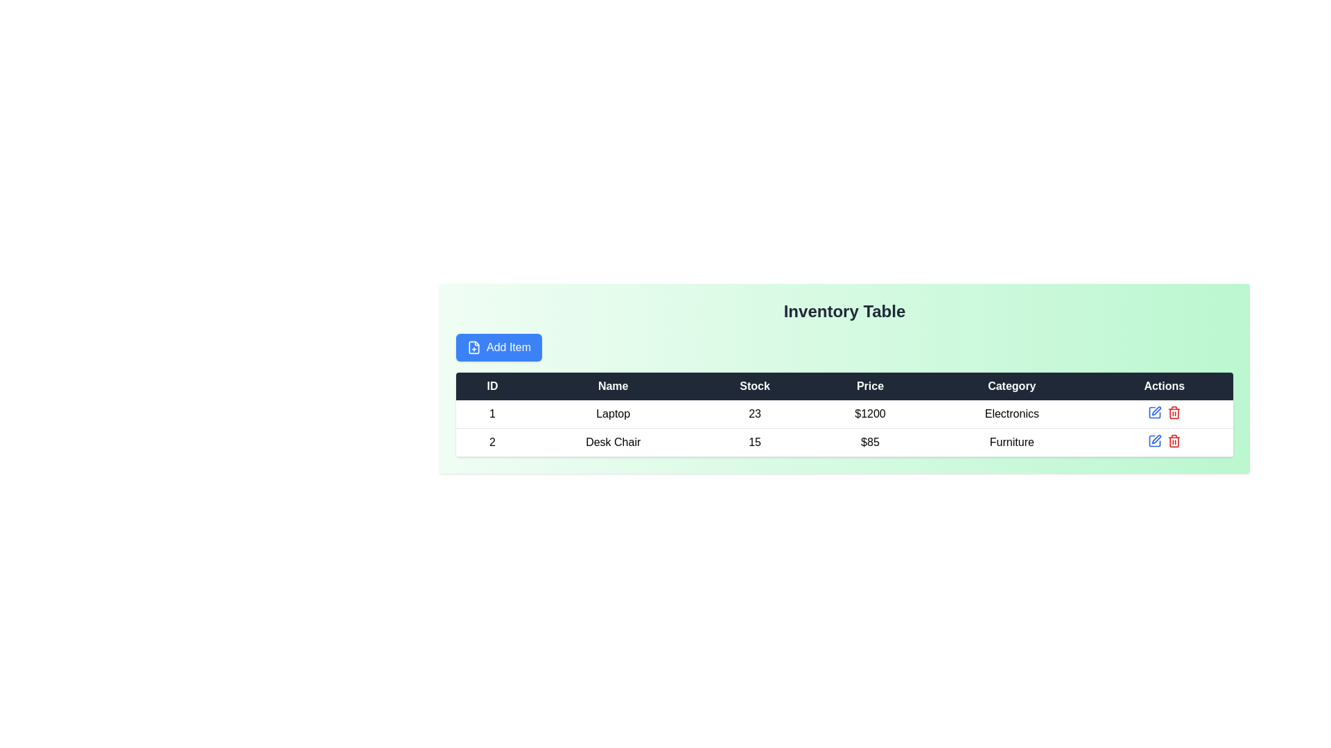 Image resolution: width=1331 pixels, height=748 pixels. Describe the element at coordinates (492, 413) in the screenshot. I see `the Text label that identifies the first entry in the table, corresponding to the Laptop, located under the 'ID' column` at that location.